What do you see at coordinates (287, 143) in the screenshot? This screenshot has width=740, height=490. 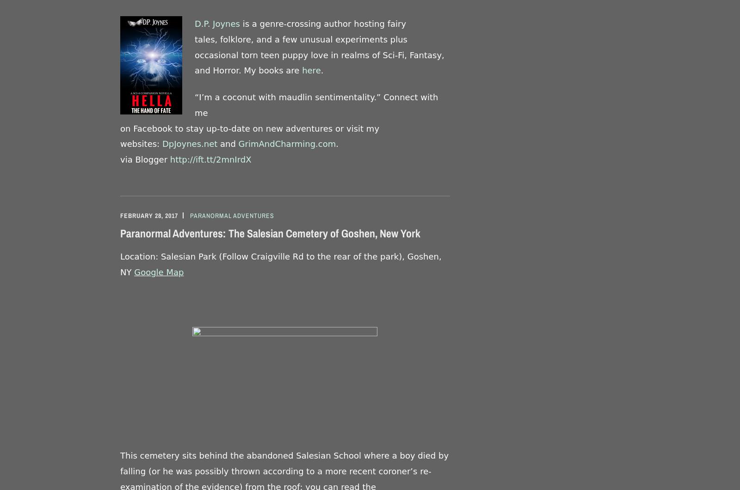 I see `'GrimAndCharming.com'` at bounding box center [287, 143].